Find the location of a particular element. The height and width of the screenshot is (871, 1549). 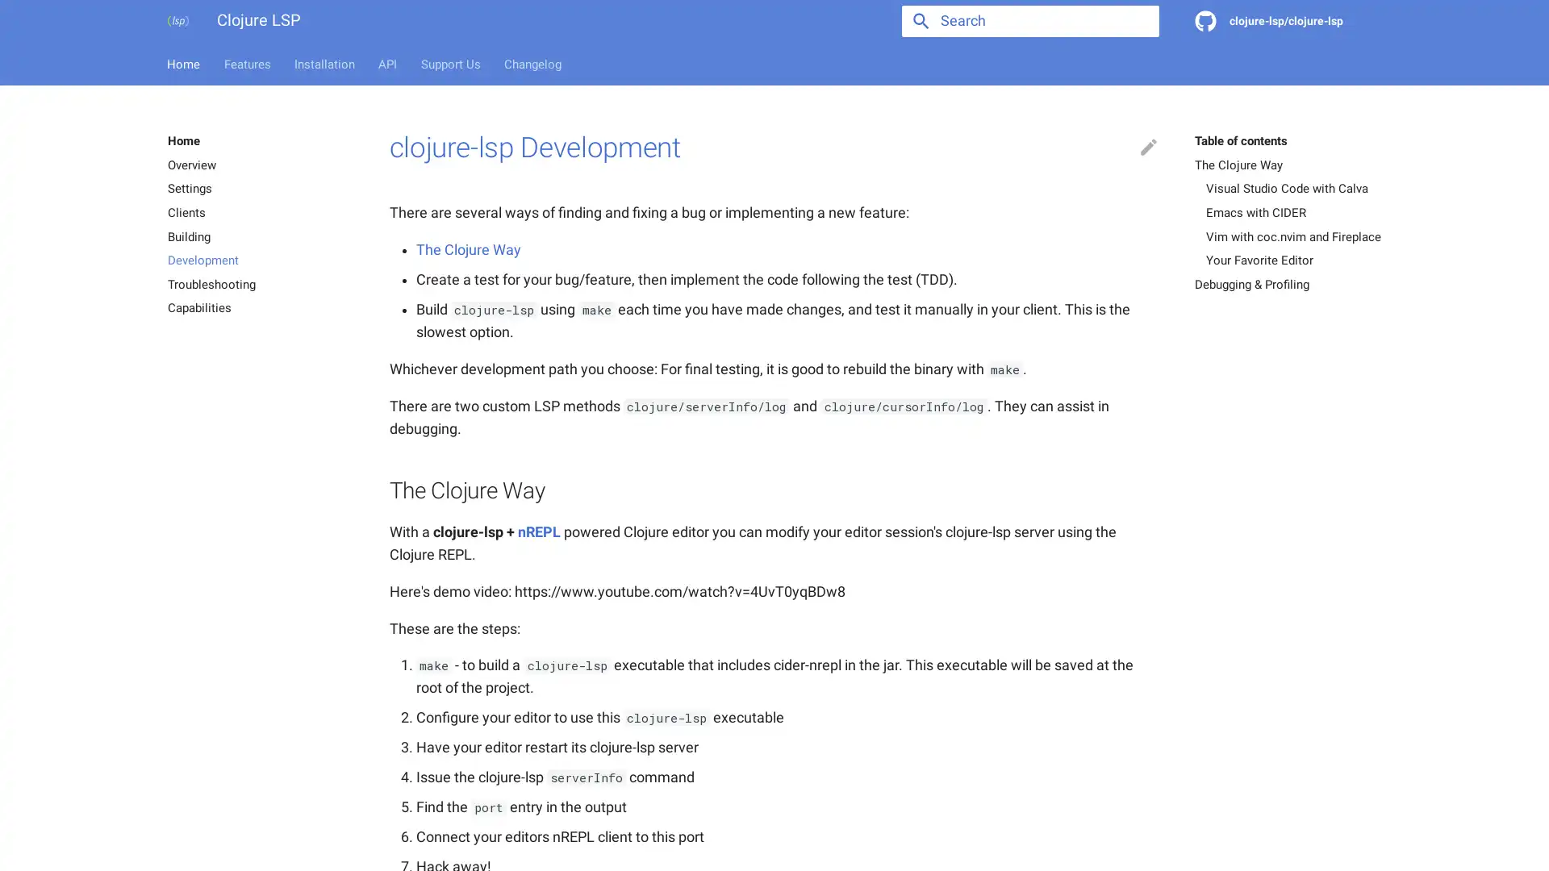

Clear is located at coordinates (1138, 21).